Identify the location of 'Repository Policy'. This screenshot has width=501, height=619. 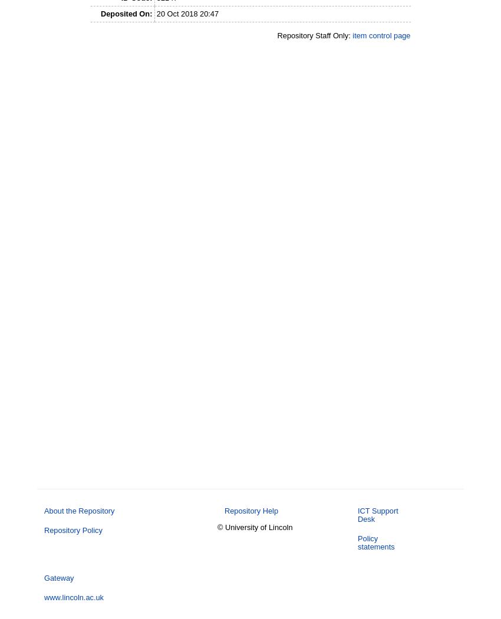
(72, 530).